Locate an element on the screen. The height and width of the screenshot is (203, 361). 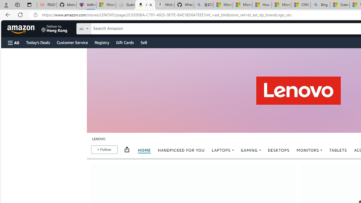
'HANDPICKED FOR YOU' is located at coordinates (181, 150).